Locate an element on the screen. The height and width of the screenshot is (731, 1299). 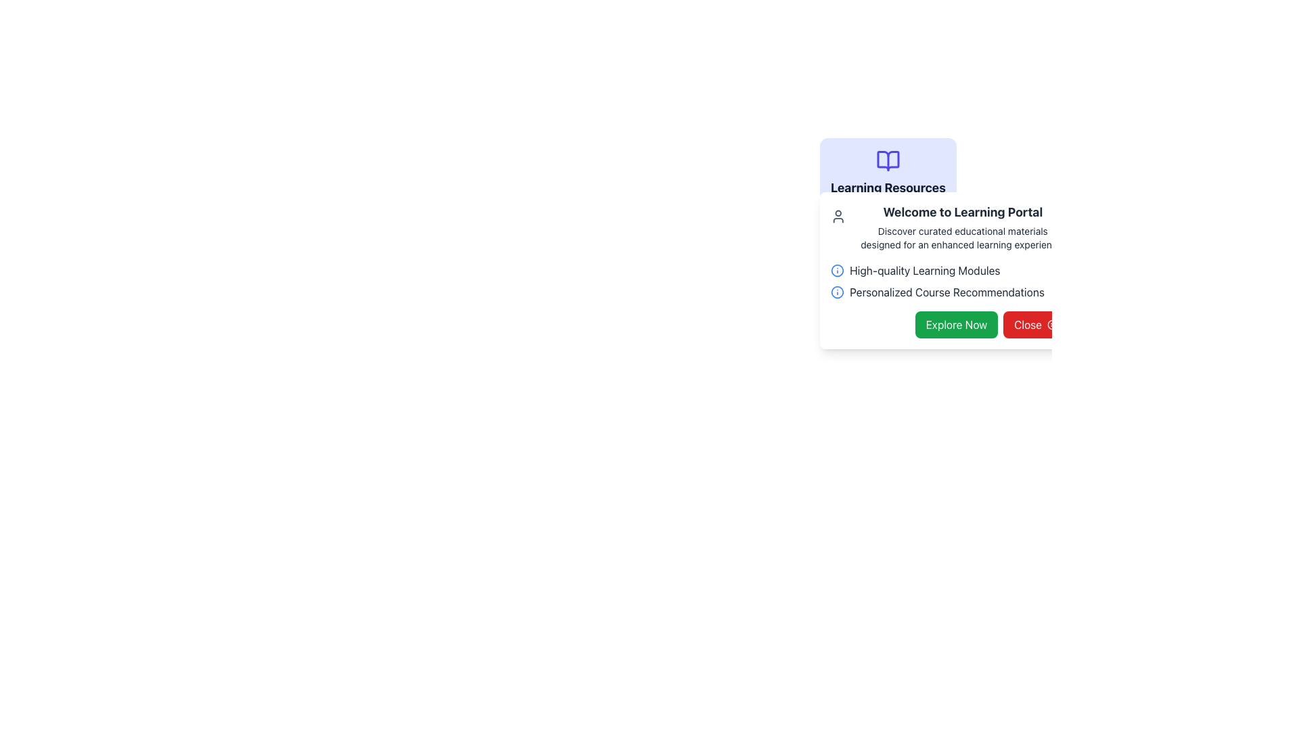
the open book icon located at the top center of the card labeled 'Learning Resources' is located at coordinates (888, 160).